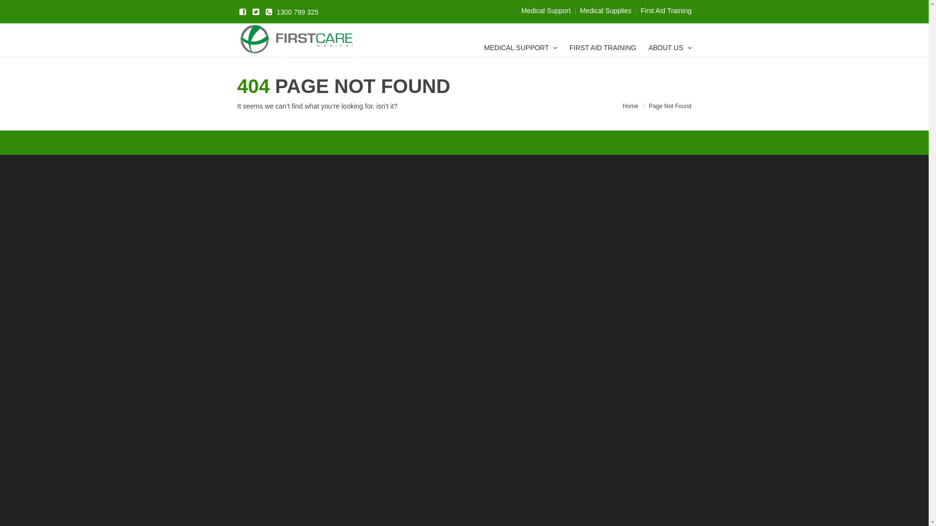 Image resolution: width=936 pixels, height=526 pixels. Describe the element at coordinates (290, 12) in the screenshot. I see `'1300 799 325'` at that location.